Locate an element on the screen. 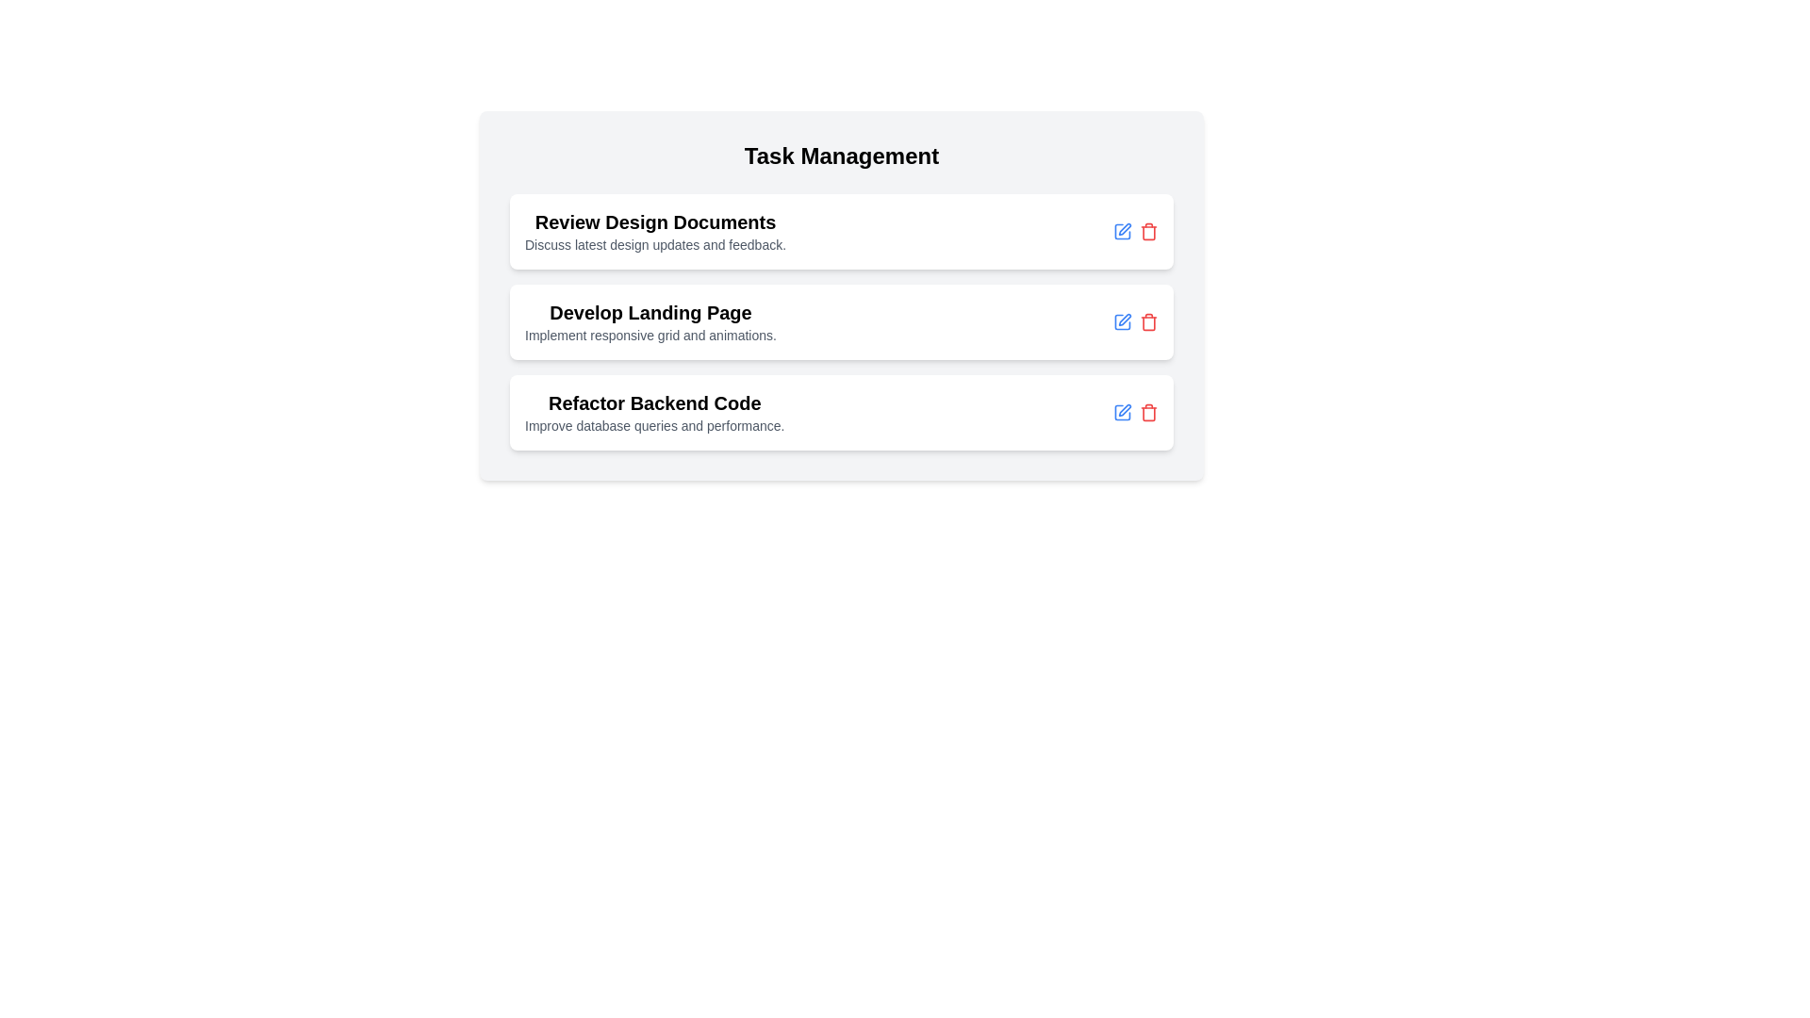 Image resolution: width=1810 pixels, height=1018 pixels. the delete button located on the right side of the row, which is the second interactive icon following a pencil icon, to change its color is located at coordinates (1148, 321).